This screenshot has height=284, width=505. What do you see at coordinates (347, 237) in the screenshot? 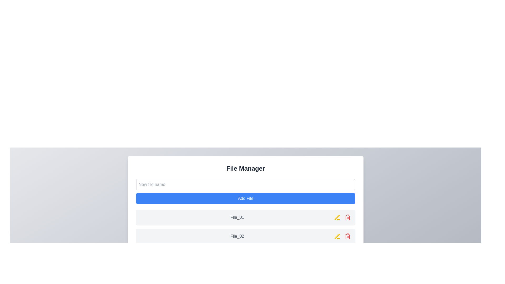
I see `the trash icon associated with the file named 'File_02', which is part of a delete button and is represented by a simplistic trash bin outline` at bounding box center [347, 237].